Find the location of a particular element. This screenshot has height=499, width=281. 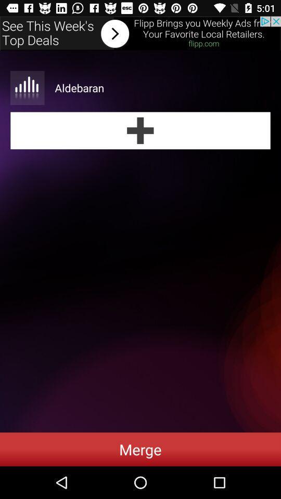

next is located at coordinates (140, 33).